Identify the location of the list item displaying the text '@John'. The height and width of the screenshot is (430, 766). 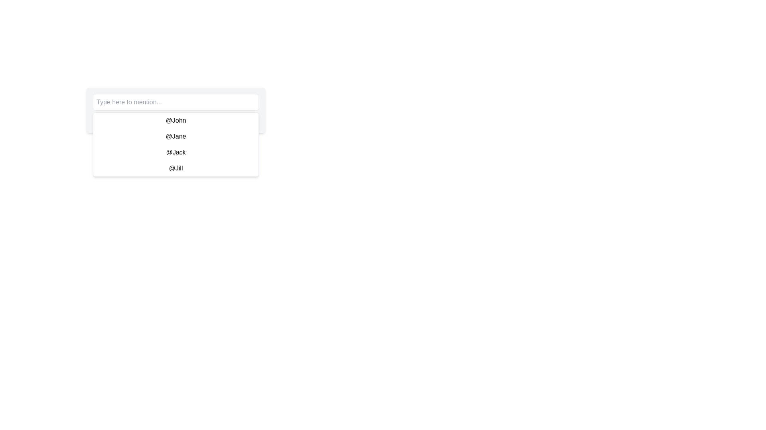
(176, 121).